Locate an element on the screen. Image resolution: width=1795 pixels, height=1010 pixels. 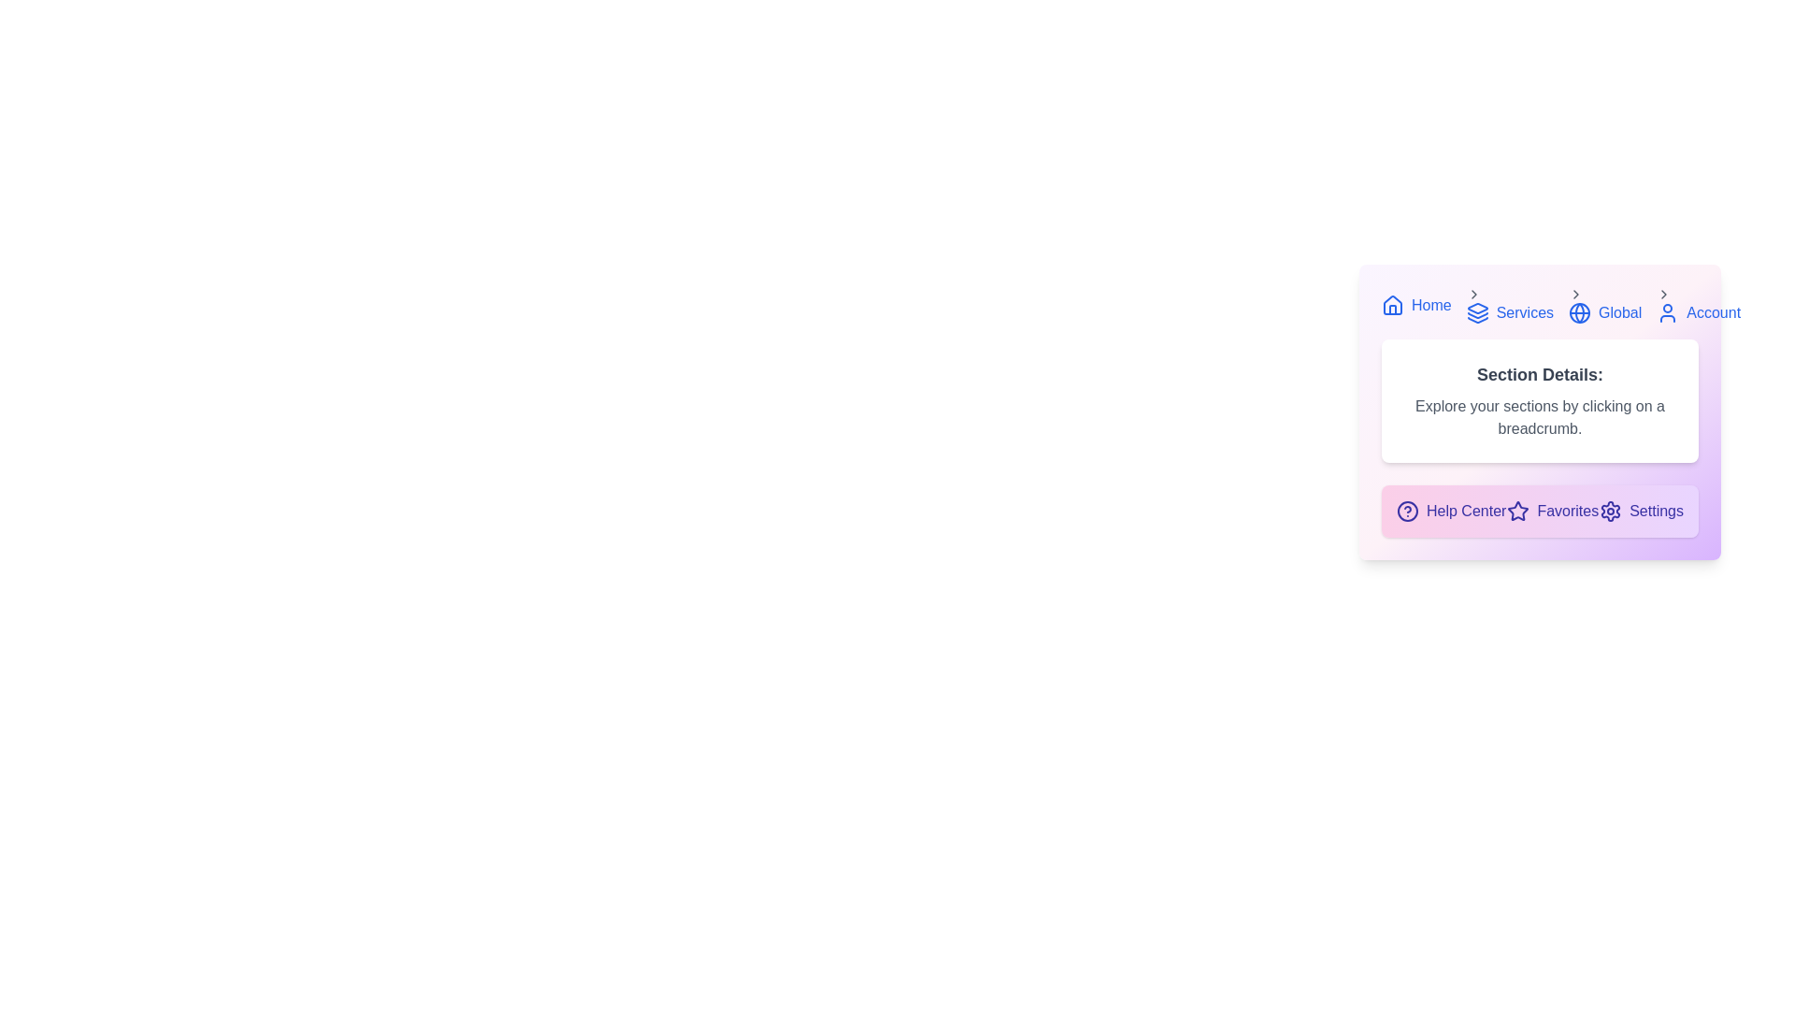
the text label that reads 'Section Details:' which is styled with a large, bold font in dark gray color, located at the top of a white box with rounded corners is located at coordinates (1540, 375).